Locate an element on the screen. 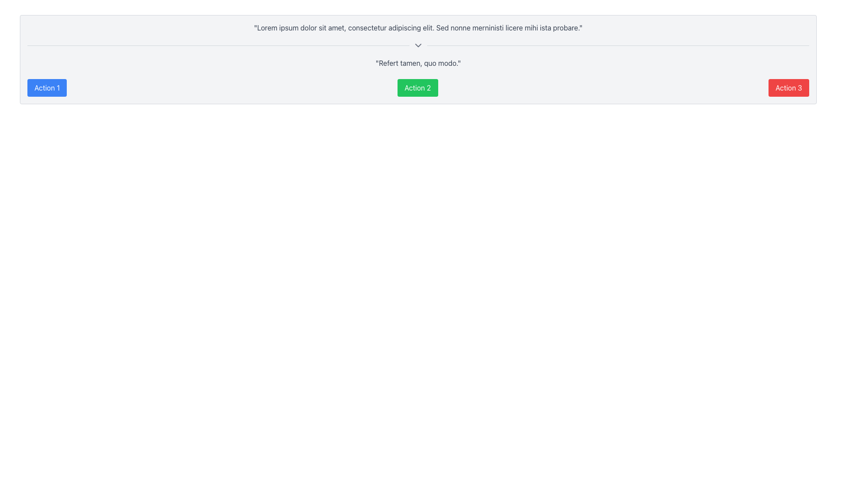 The image size is (849, 477). the Text Display containing the phrase 'Refert tamen, quo modo.' is located at coordinates (417, 62).